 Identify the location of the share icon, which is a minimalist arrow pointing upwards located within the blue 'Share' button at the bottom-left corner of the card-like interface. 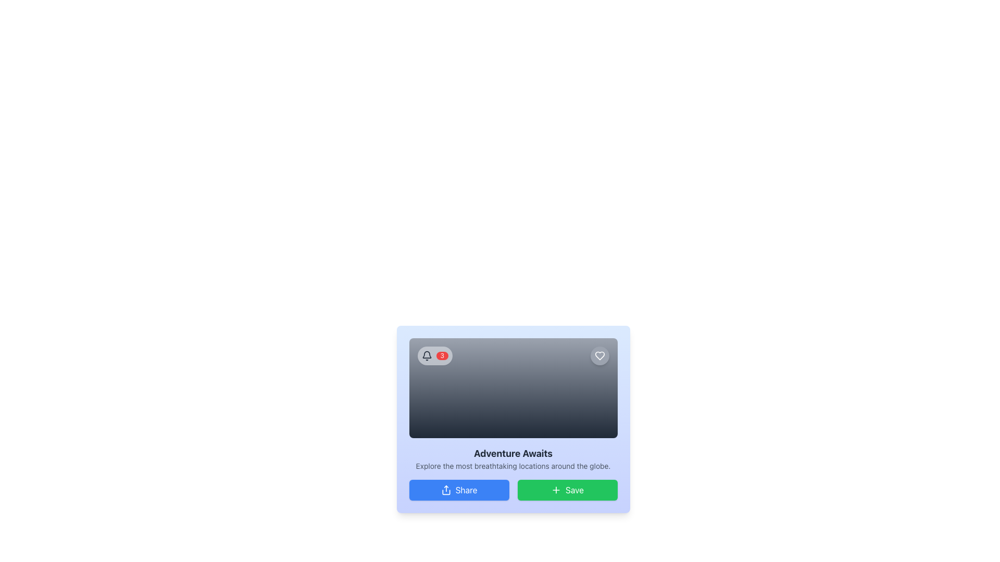
(446, 490).